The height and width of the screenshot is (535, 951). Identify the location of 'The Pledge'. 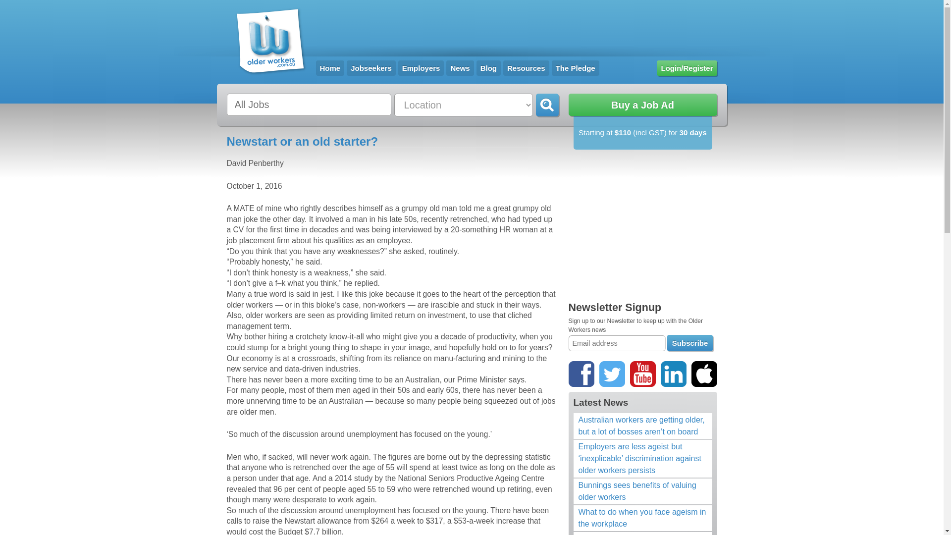
(551, 67).